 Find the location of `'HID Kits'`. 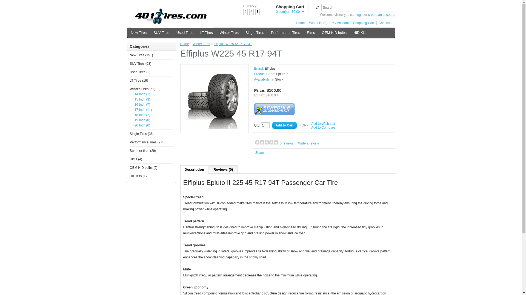

'HID Kits' is located at coordinates (360, 33).